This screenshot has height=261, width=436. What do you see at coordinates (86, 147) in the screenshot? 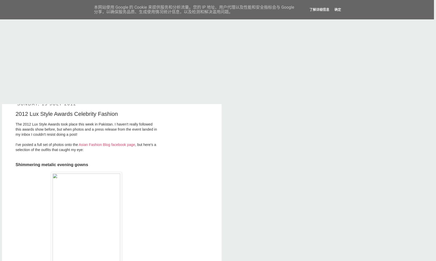
I see `', but here's a selection of the outfits that caught my eye:'` at bounding box center [86, 147].